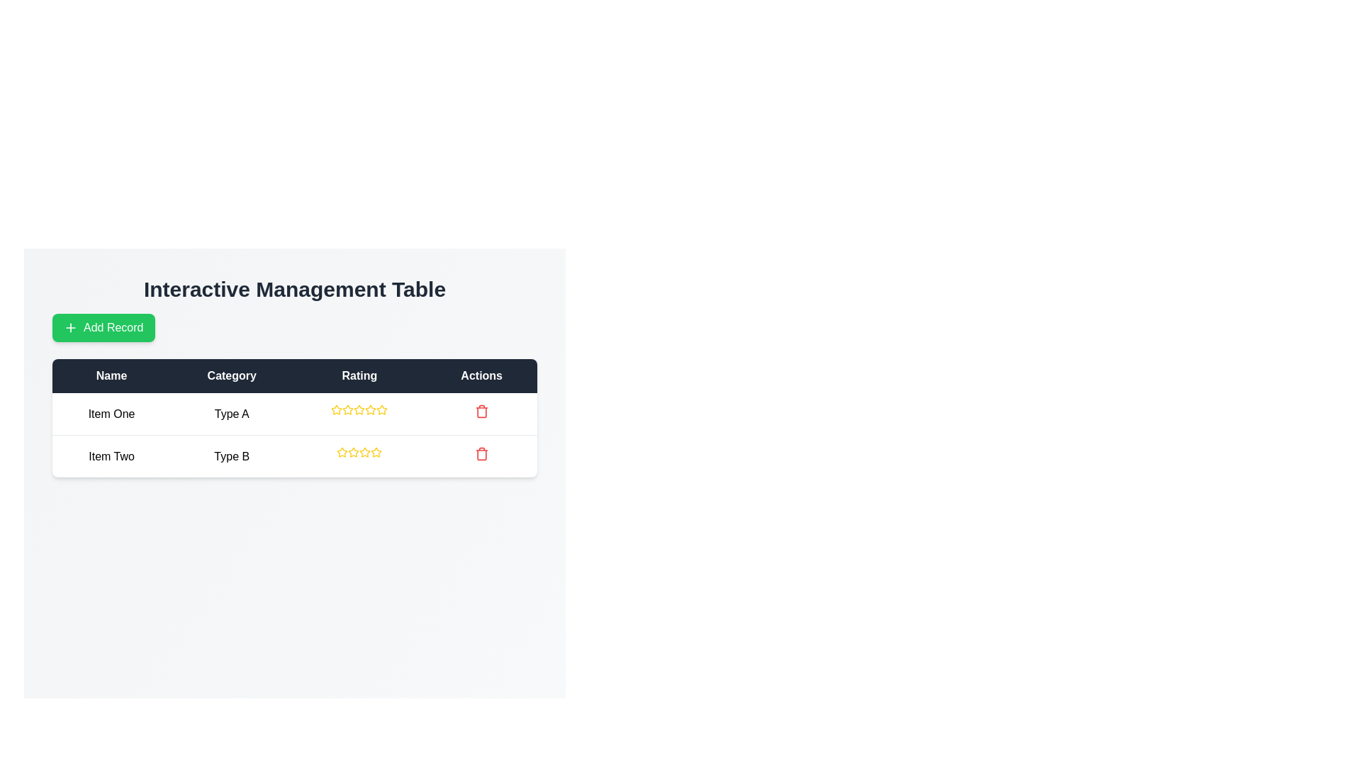  What do you see at coordinates (371, 409) in the screenshot?
I see `the third star in the rating system for accessibility navigation` at bounding box center [371, 409].